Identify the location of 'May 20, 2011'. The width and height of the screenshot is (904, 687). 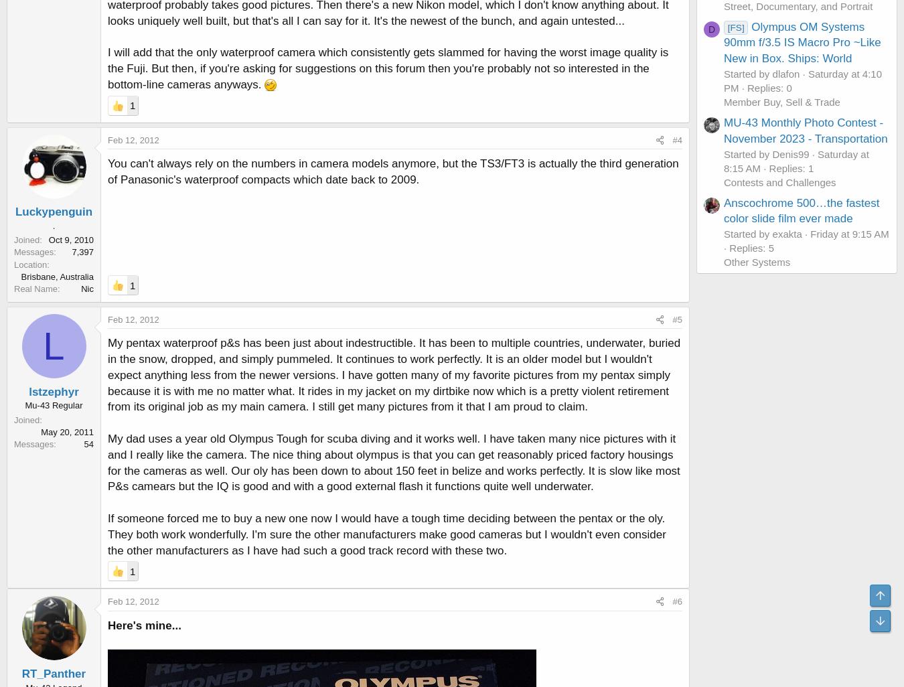
(40, 431).